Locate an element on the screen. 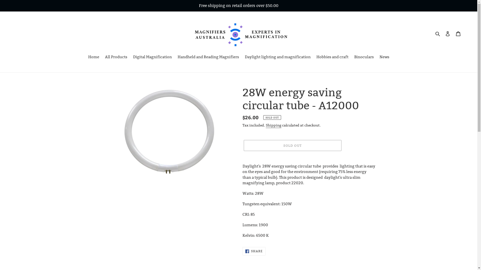 The height and width of the screenshot is (270, 481). 'All Products' is located at coordinates (115, 57).